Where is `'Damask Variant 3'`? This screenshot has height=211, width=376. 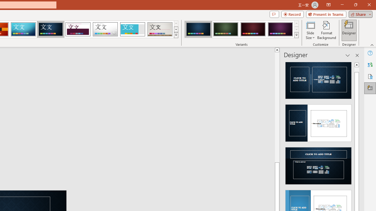 'Damask Variant 3' is located at coordinates (253, 29).